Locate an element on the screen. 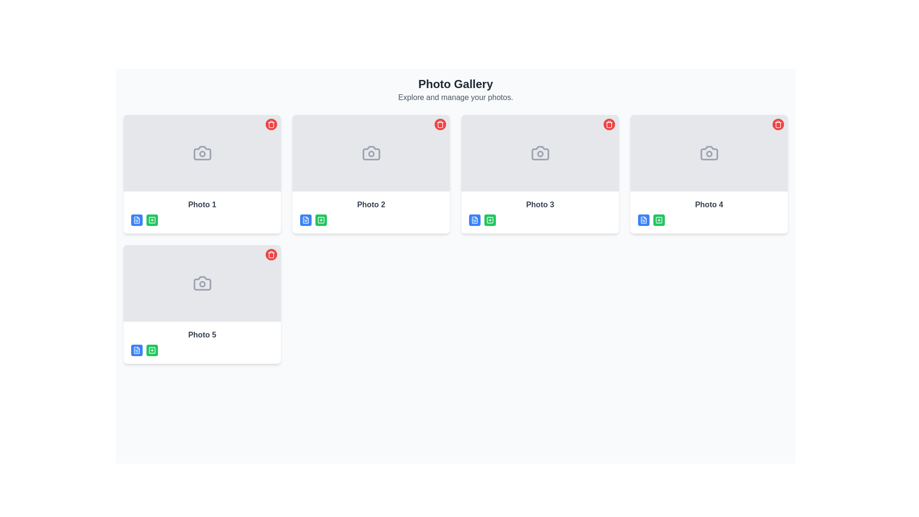 This screenshot has height=517, width=919. the circular red delete button with a trash icon located at the top-right corner of the 'Photo 5' card is located at coordinates (270, 254).